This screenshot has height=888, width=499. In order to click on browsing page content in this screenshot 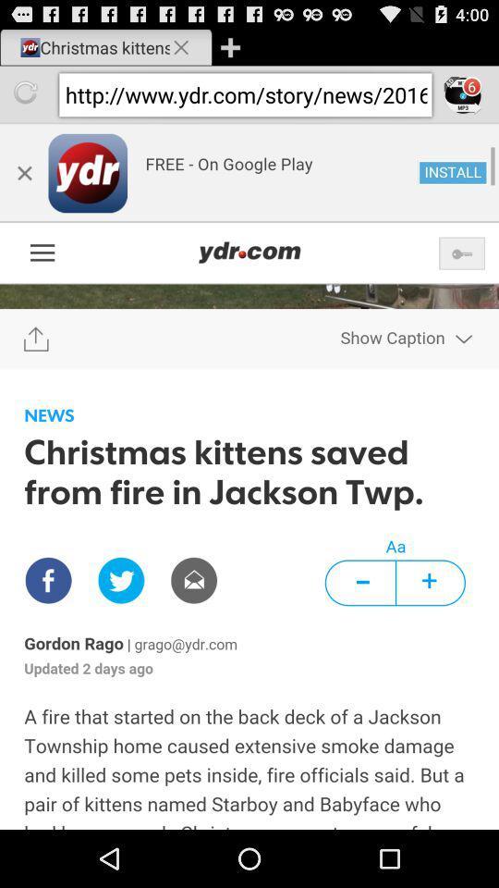, I will do `click(249, 475)`.